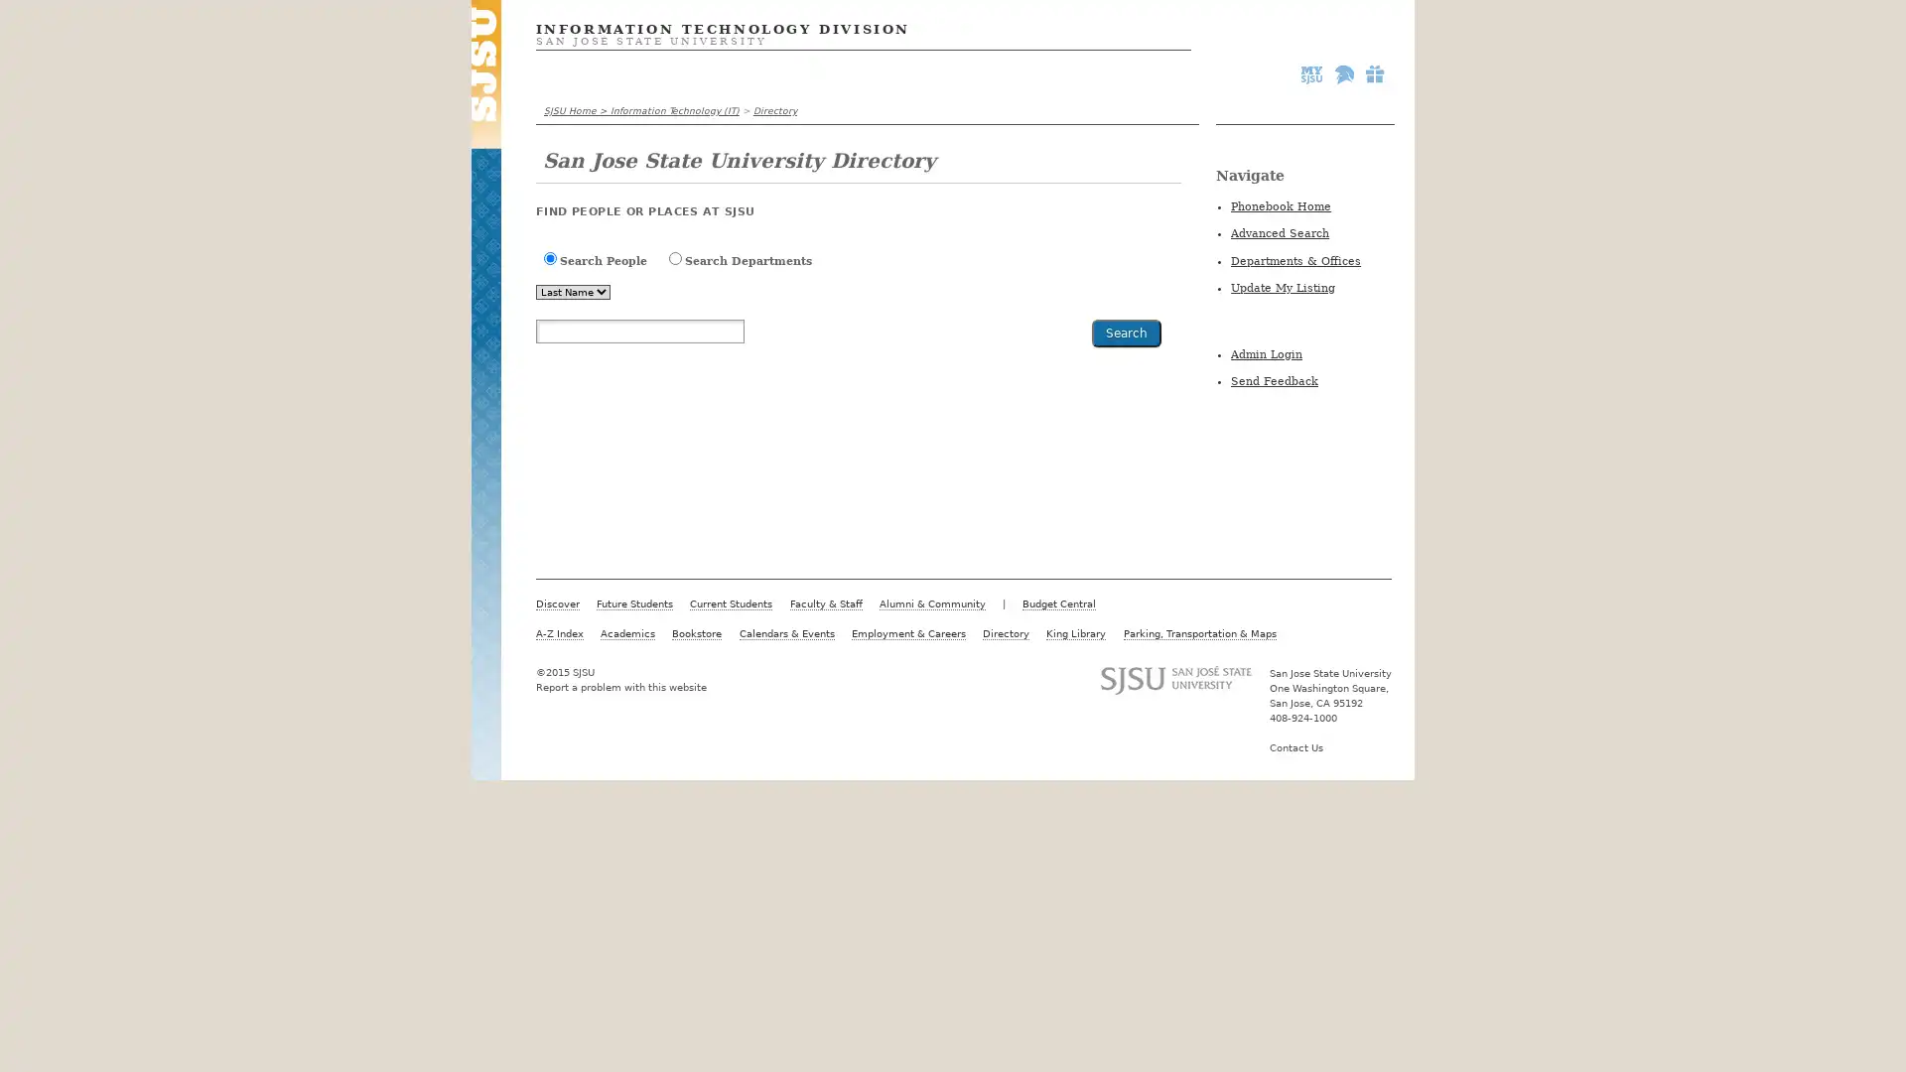  I want to click on Search, so click(1125, 332).